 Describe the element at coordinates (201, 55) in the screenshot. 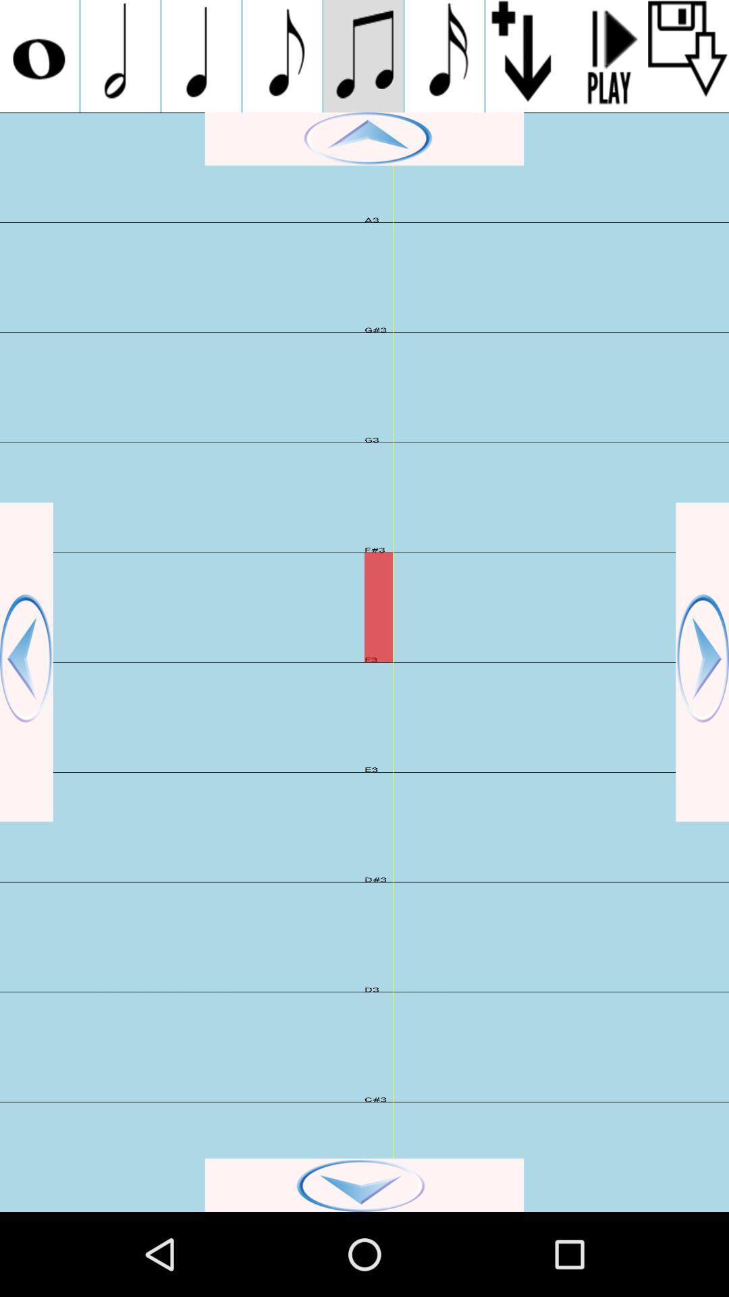

I see `note` at that location.